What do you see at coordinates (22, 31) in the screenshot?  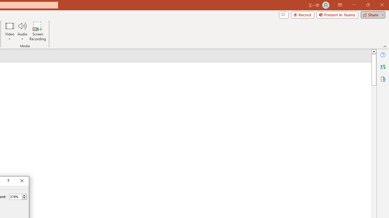 I see `'Audio'` at bounding box center [22, 31].